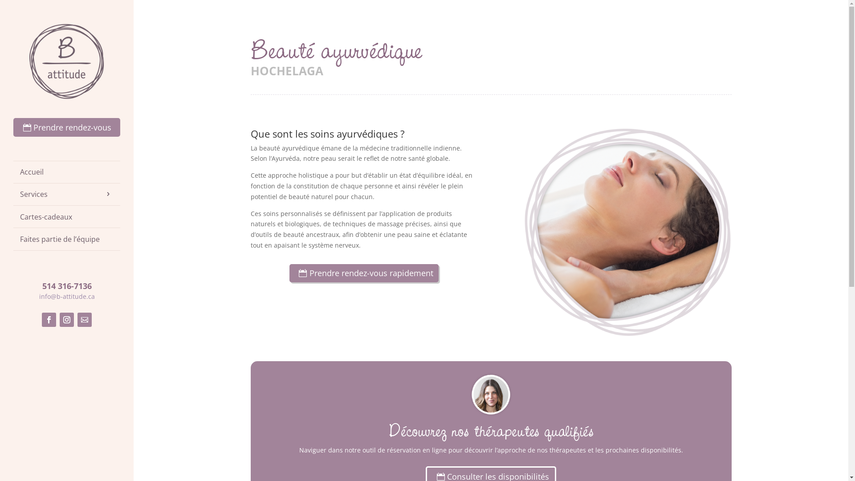  What do you see at coordinates (66, 296) in the screenshot?
I see `'info@b-attitude.ca'` at bounding box center [66, 296].